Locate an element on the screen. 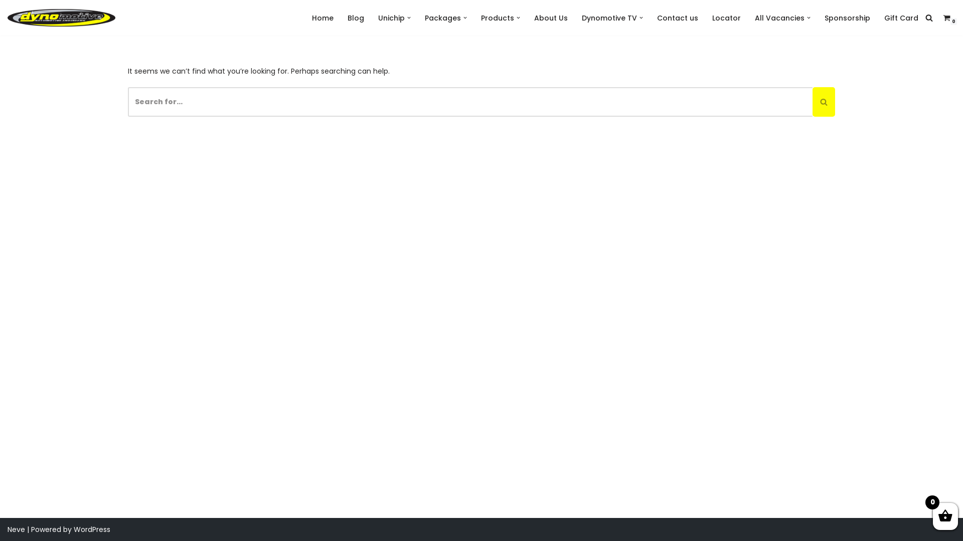  'Home' is located at coordinates (323, 18).